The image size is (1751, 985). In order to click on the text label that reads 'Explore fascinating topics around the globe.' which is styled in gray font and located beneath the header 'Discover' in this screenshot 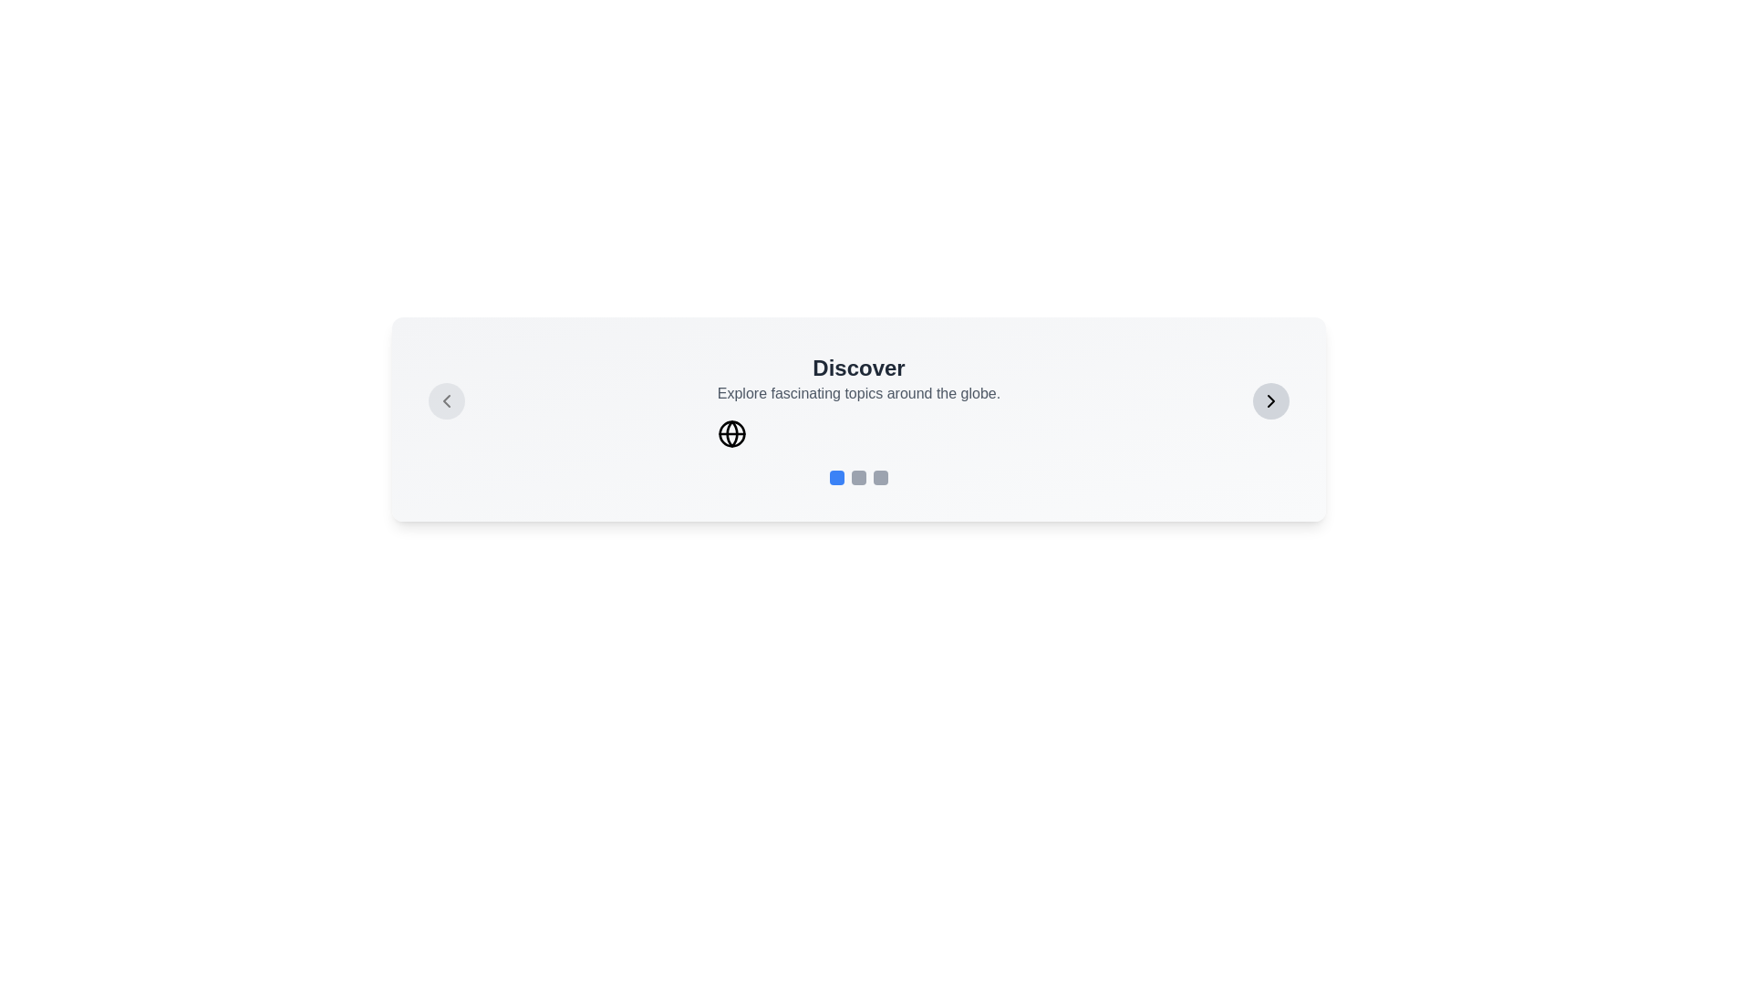, I will do `click(857, 393)`.